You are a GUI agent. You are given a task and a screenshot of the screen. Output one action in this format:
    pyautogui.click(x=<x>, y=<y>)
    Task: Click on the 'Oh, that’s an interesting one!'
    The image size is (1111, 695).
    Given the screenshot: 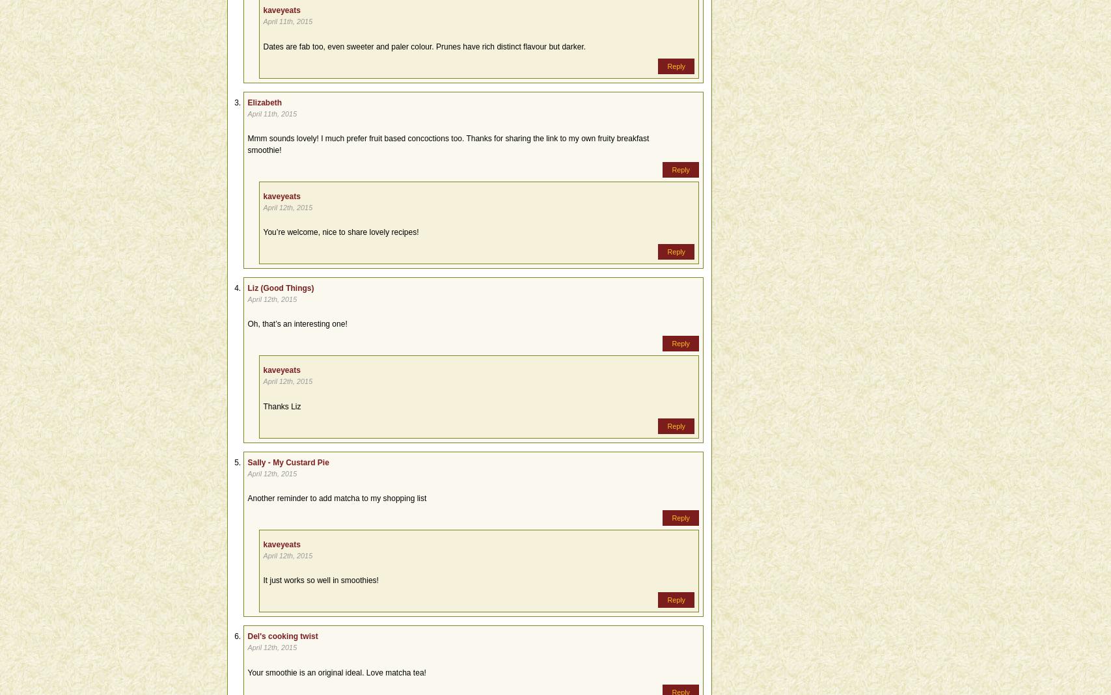 What is the action you would take?
    pyautogui.click(x=297, y=324)
    